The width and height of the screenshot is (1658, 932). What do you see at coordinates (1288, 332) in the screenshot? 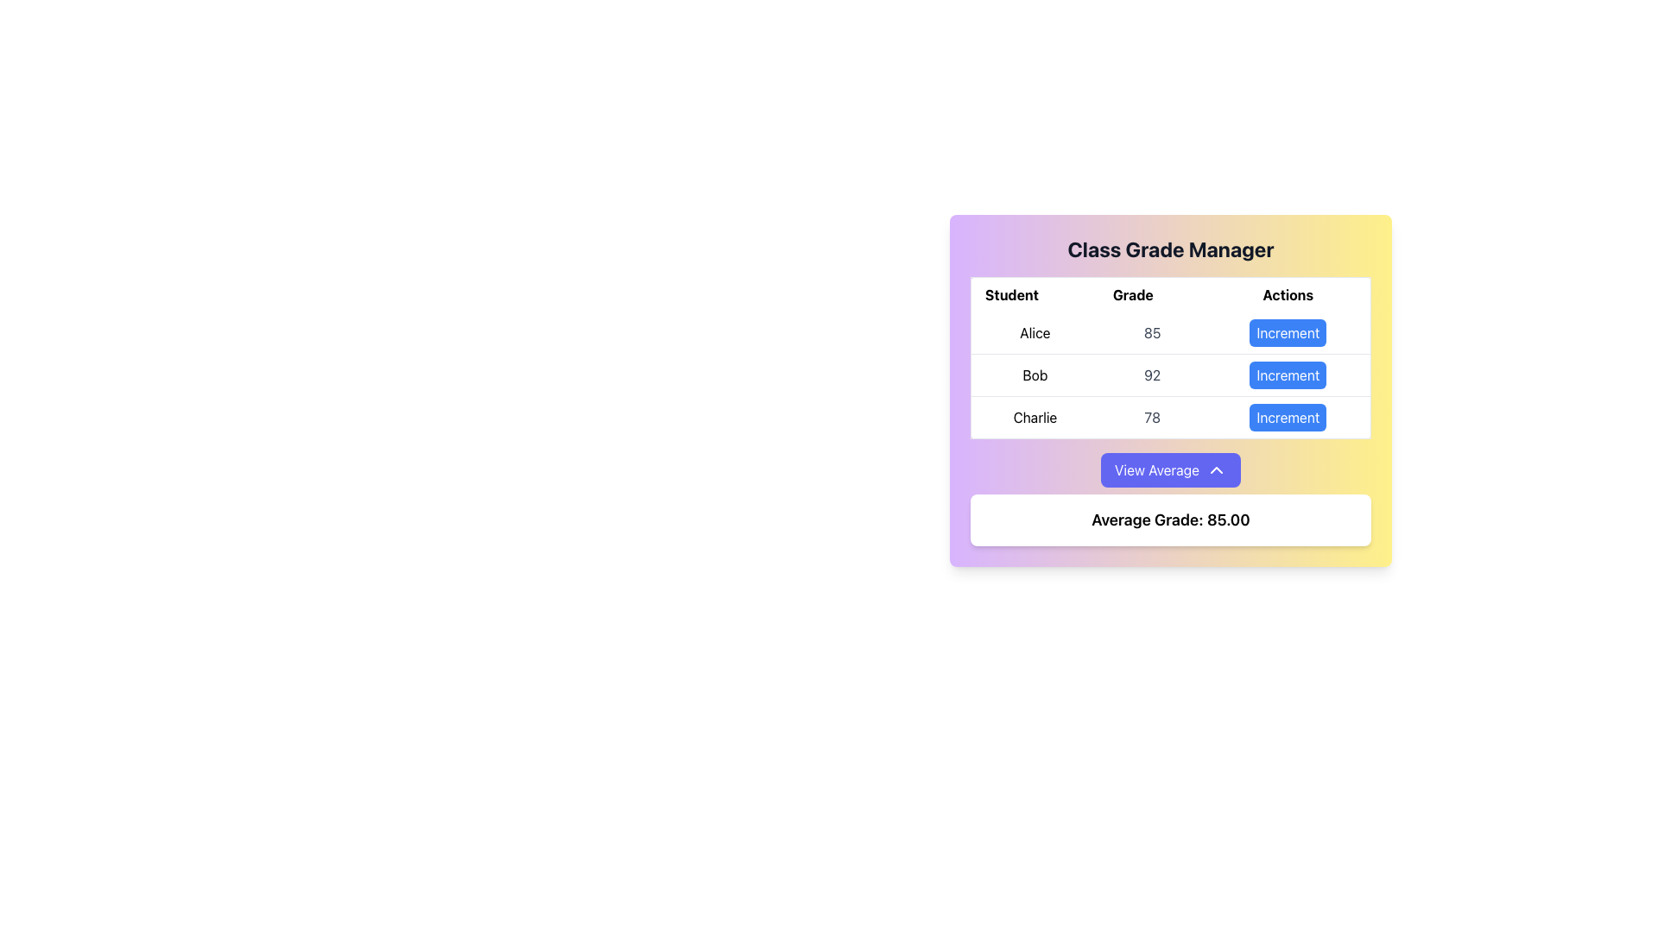
I see `the blue 'Increment' button with white, bold text in the 'Actions' column of the 'Class Grade Manager' interface, positioned in the first row for 'Alice'` at bounding box center [1288, 332].